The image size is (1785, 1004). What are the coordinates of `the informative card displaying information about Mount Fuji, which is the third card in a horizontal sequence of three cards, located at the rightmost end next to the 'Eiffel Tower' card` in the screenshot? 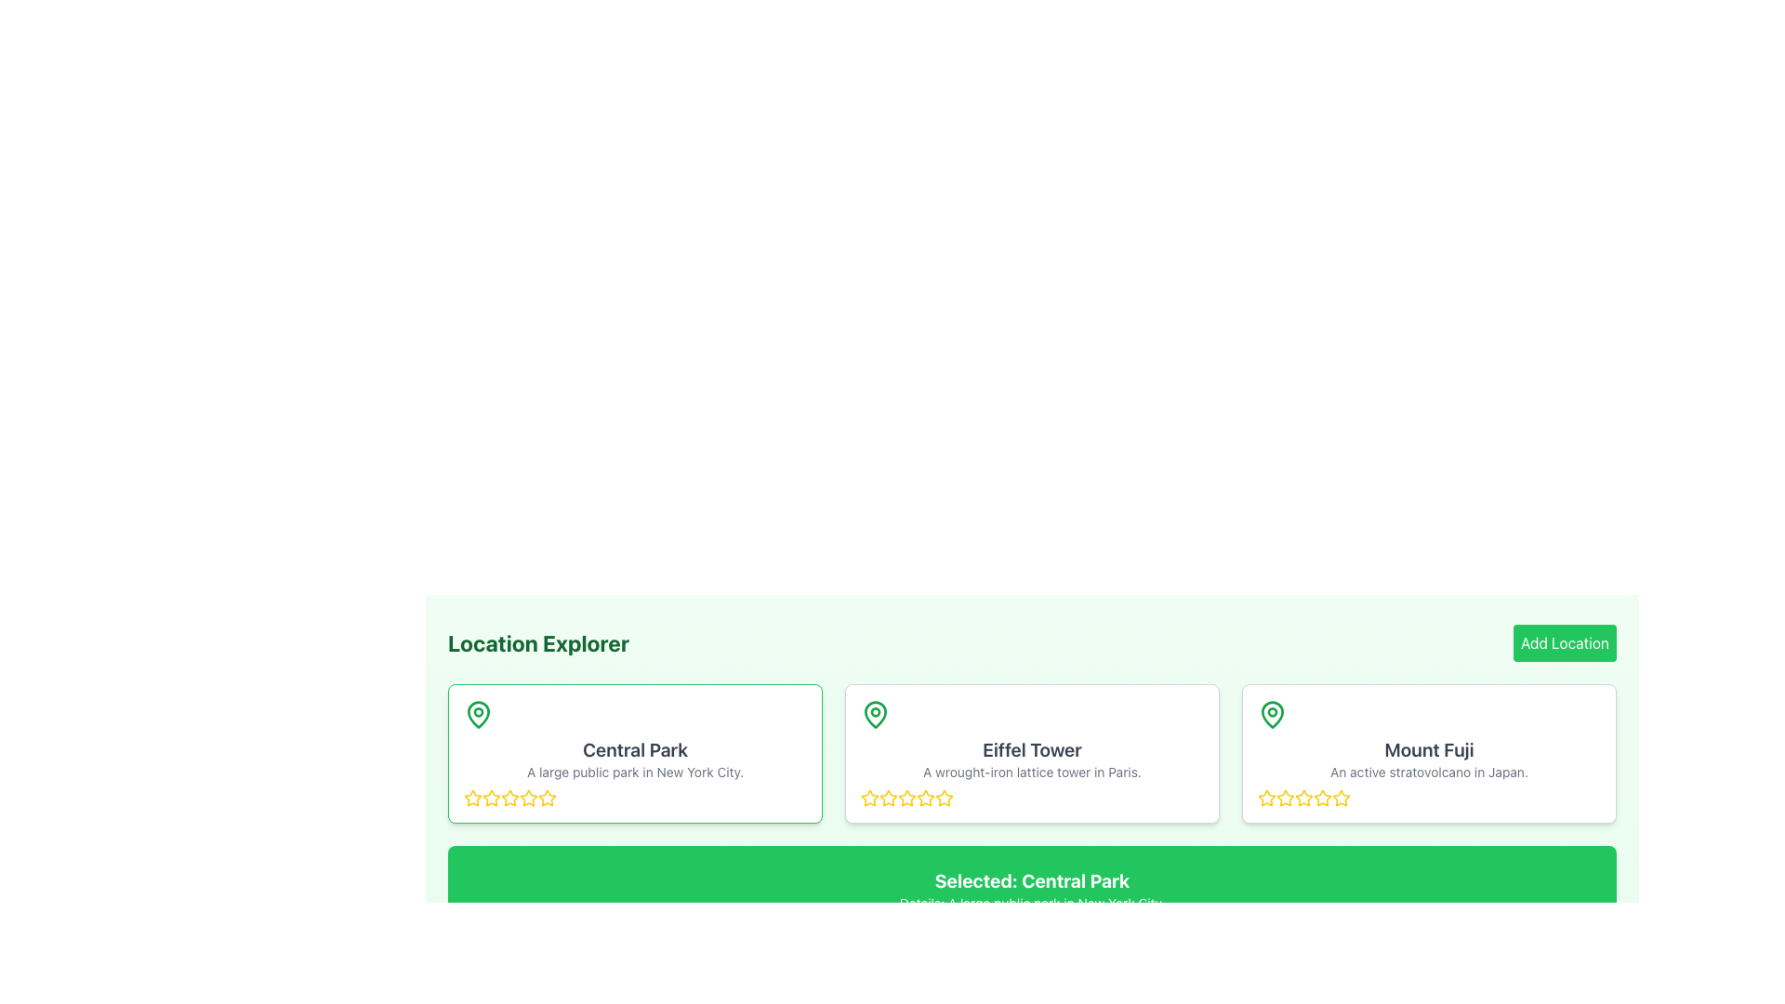 It's located at (1428, 753).